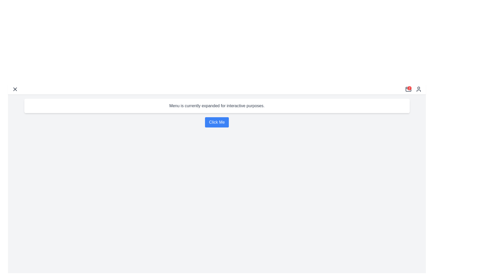  Describe the element at coordinates (15, 89) in the screenshot. I see `the close button icon, which is a small dark gray 'X' shape located at the upper left corner of the header navigation bar` at that location.